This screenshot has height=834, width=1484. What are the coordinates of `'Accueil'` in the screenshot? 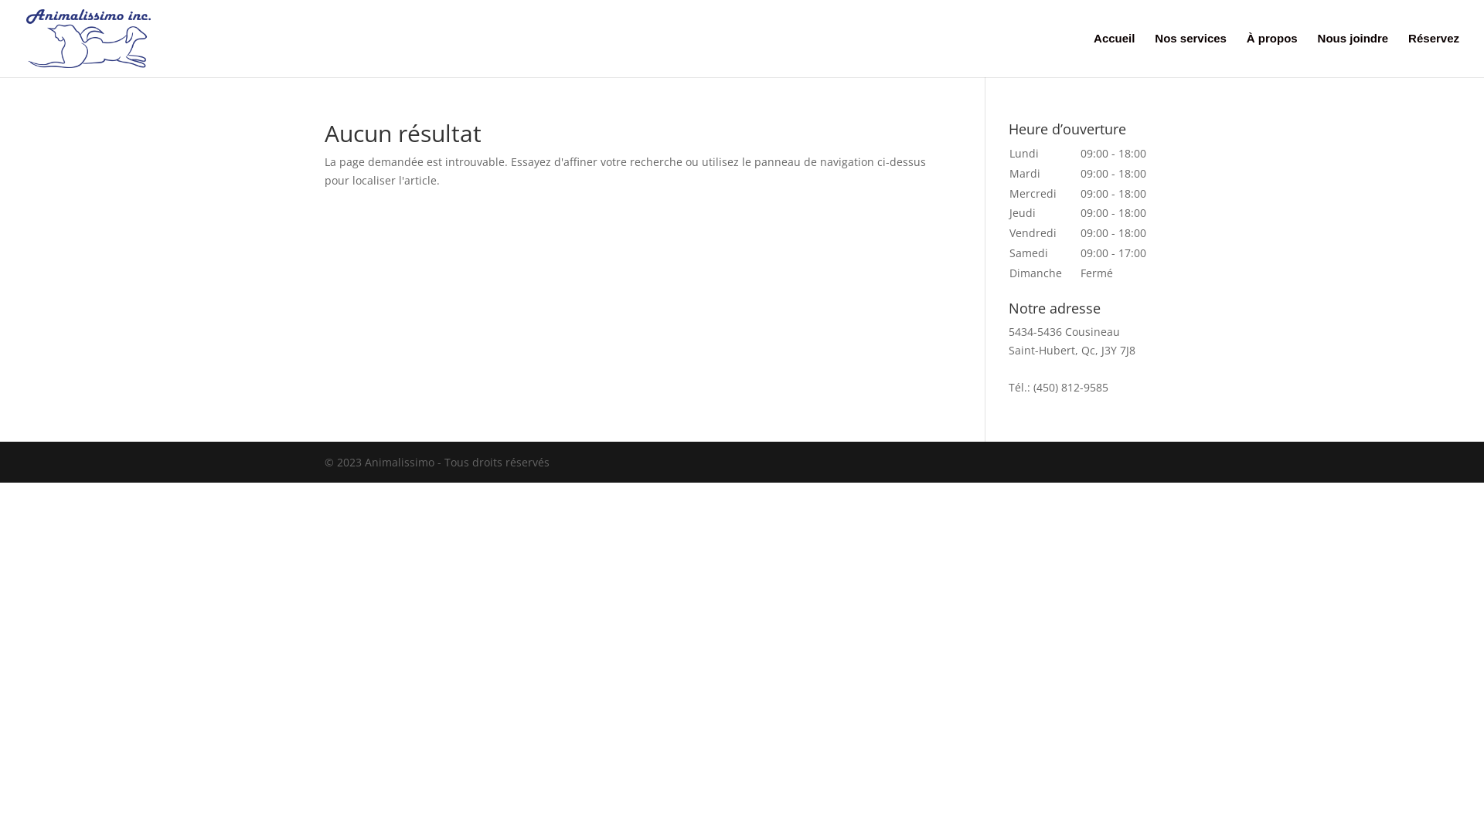 It's located at (1114, 54).